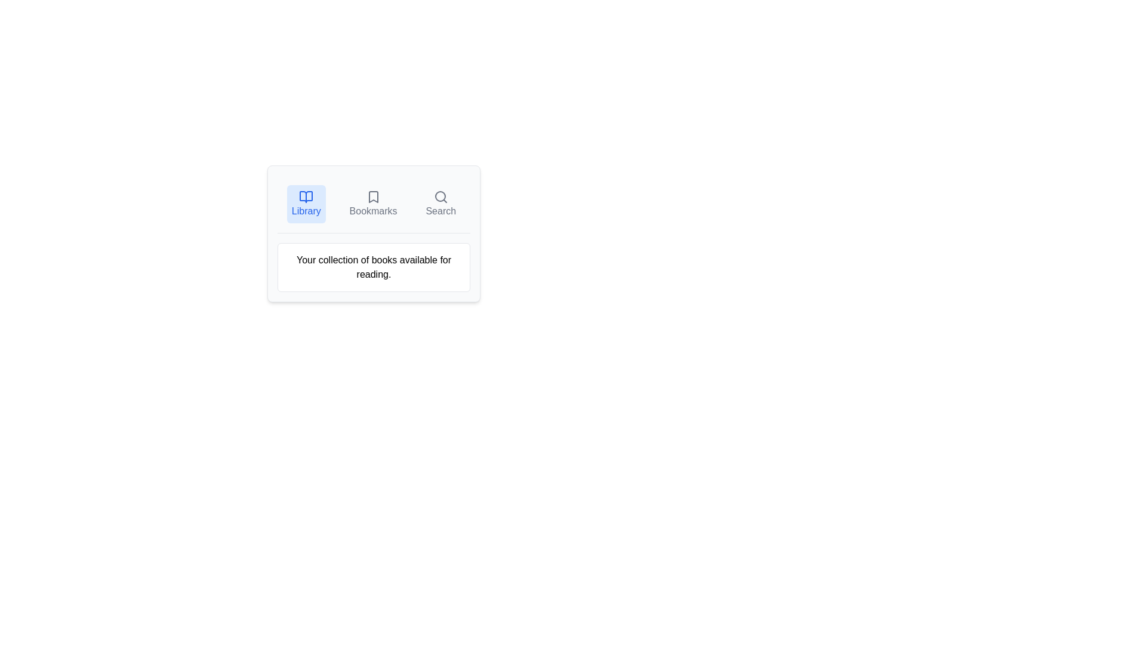 Image resolution: width=1146 pixels, height=645 pixels. What do you see at coordinates (372, 204) in the screenshot?
I see `the Bookmarks tab by clicking on the respective tab button` at bounding box center [372, 204].